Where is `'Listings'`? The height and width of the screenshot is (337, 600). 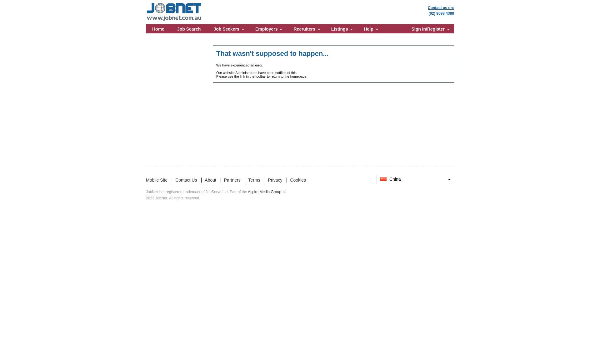
'Listings' is located at coordinates (341, 29).